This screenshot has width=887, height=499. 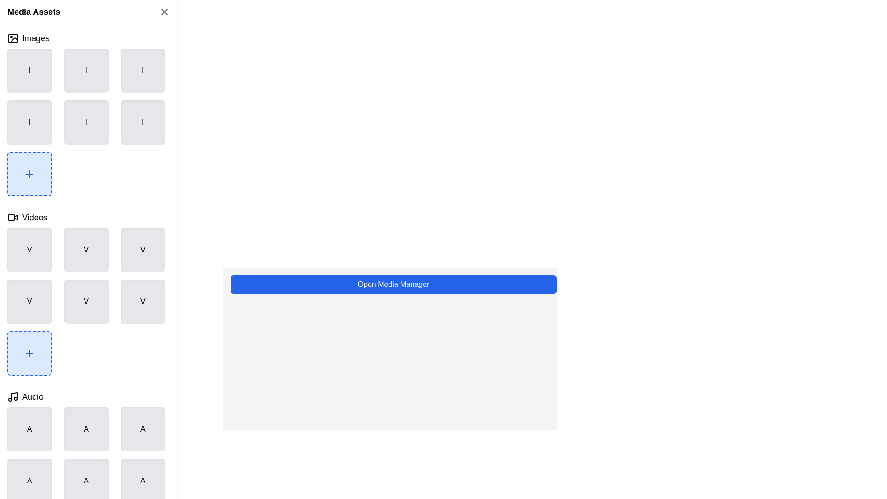 I want to click on the visual placeholder or display box containing the character 'V' in the 'Videos' section of the grid, so click(x=29, y=301).